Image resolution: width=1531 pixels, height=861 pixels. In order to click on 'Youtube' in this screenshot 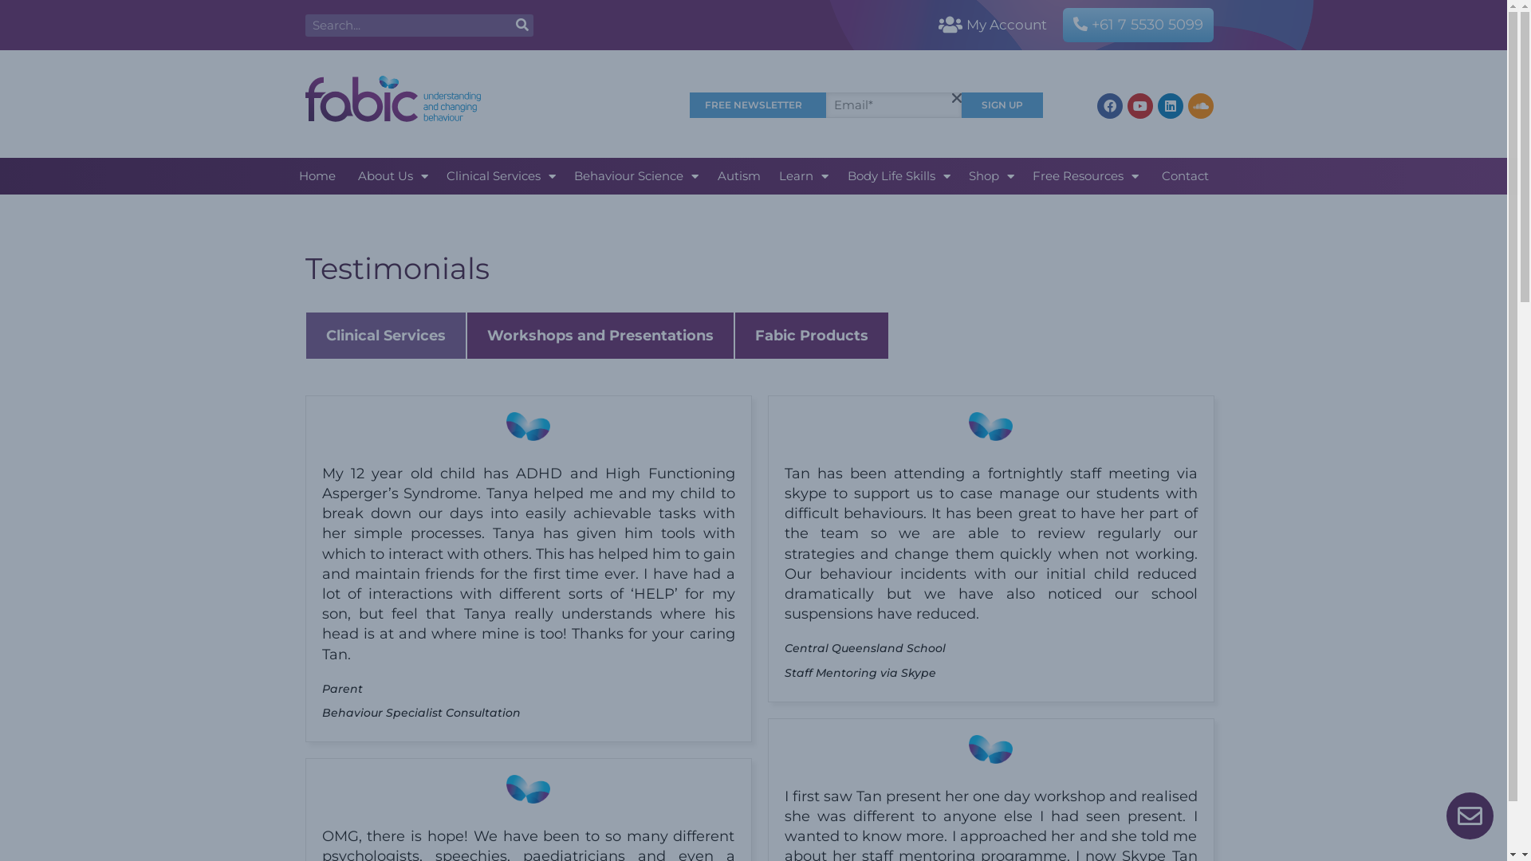, I will do `click(1139, 105)`.